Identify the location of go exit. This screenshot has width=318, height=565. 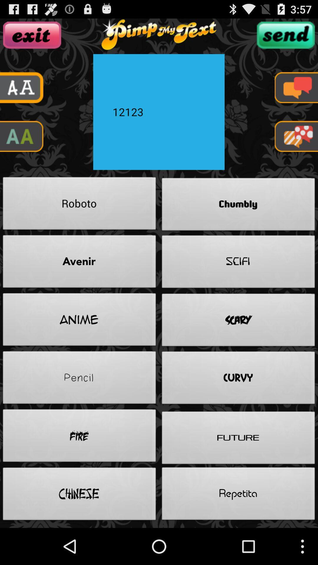
(32, 35).